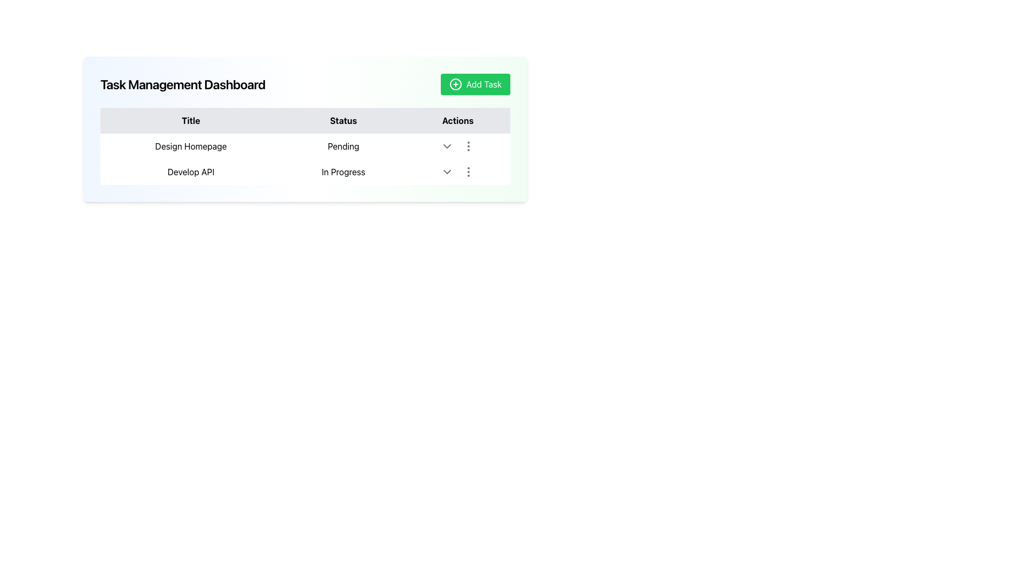 The height and width of the screenshot is (577, 1026). Describe the element at coordinates (468, 171) in the screenshot. I see `the contextual menu button in the Actions column of the second row` at that location.